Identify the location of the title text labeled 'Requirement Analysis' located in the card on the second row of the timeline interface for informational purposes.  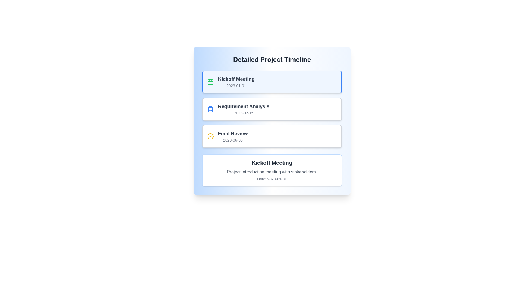
(243, 106).